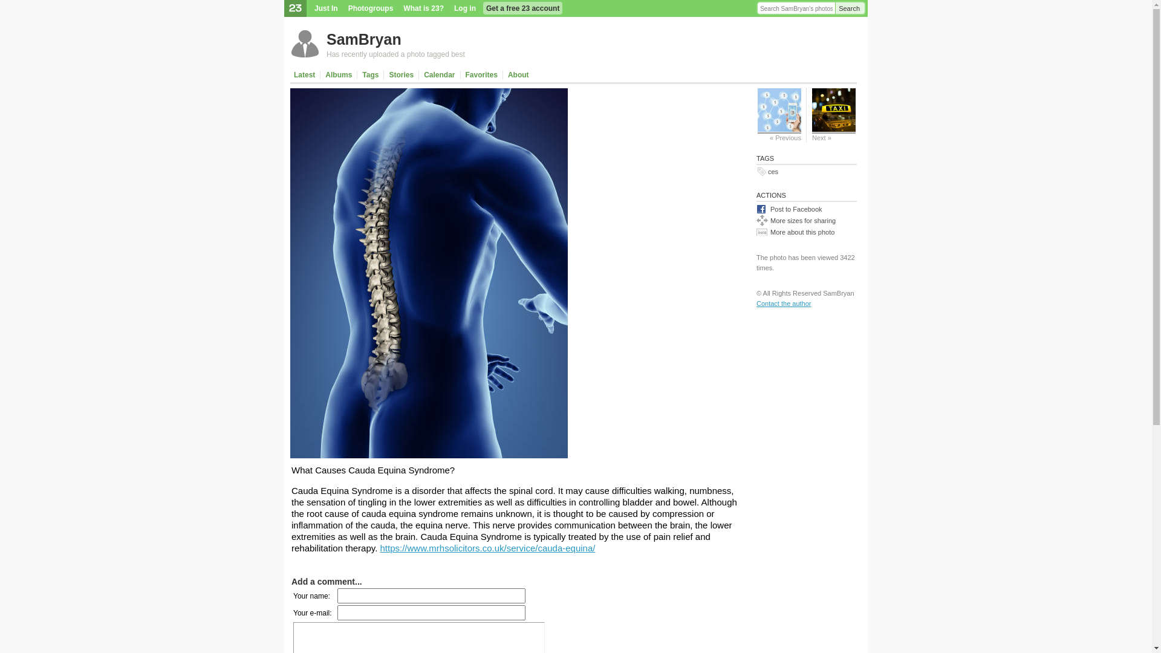 This screenshot has height=653, width=1161. Describe the element at coordinates (438, 74) in the screenshot. I see `'Calendar'` at that location.